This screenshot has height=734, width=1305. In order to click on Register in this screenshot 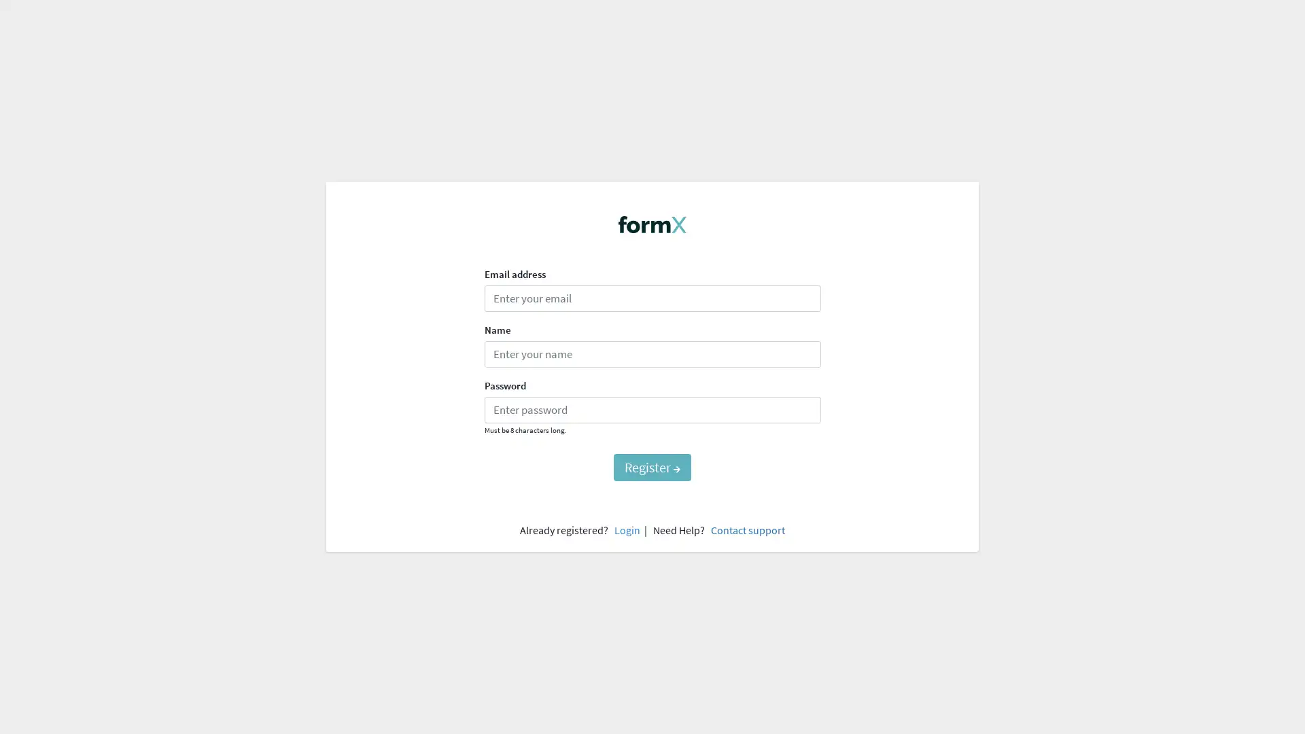, I will do `click(652, 466)`.